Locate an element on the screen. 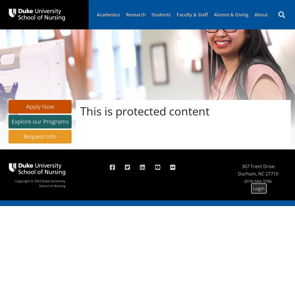 This screenshot has width=295, height=283. 'Now' is located at coordinates (47, 106).